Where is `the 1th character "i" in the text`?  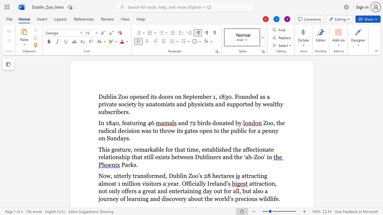
the 1th character "i" in the text is located at coordinates (138, 123).